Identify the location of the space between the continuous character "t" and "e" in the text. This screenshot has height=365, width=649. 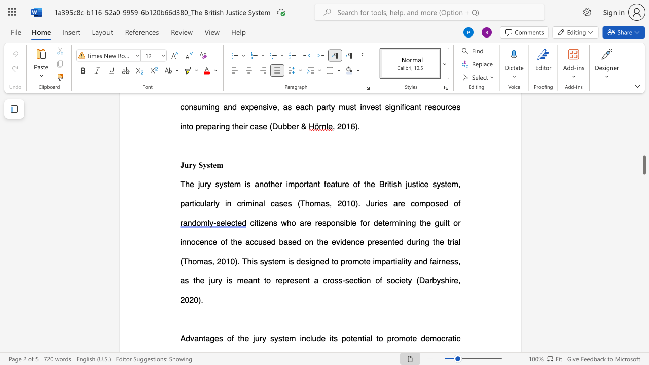
(385, 222).